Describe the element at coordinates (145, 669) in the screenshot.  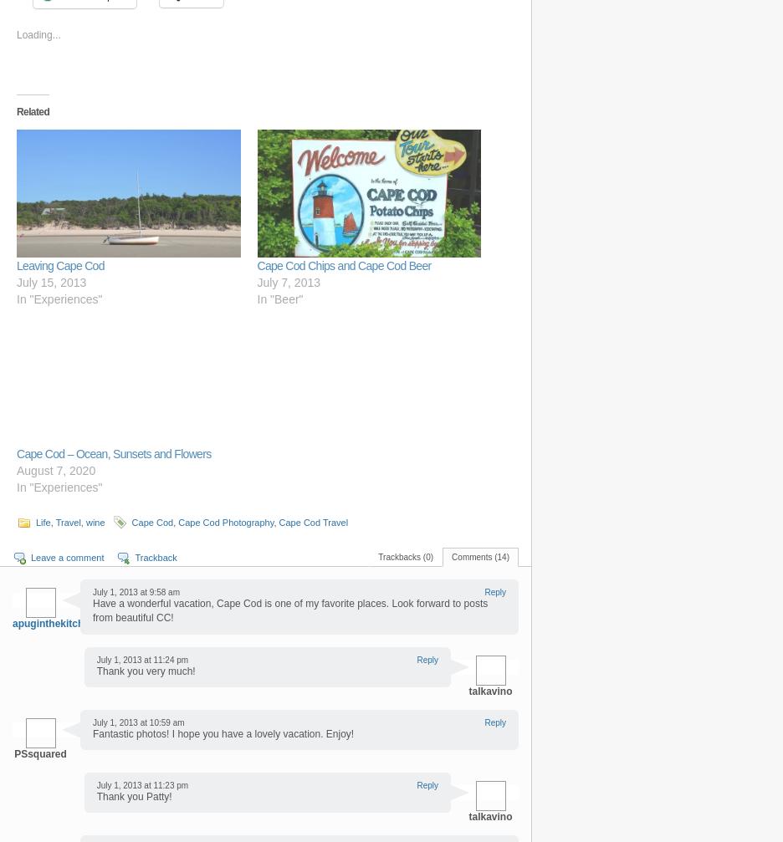
I see `'Thank you very much!'` at that location.